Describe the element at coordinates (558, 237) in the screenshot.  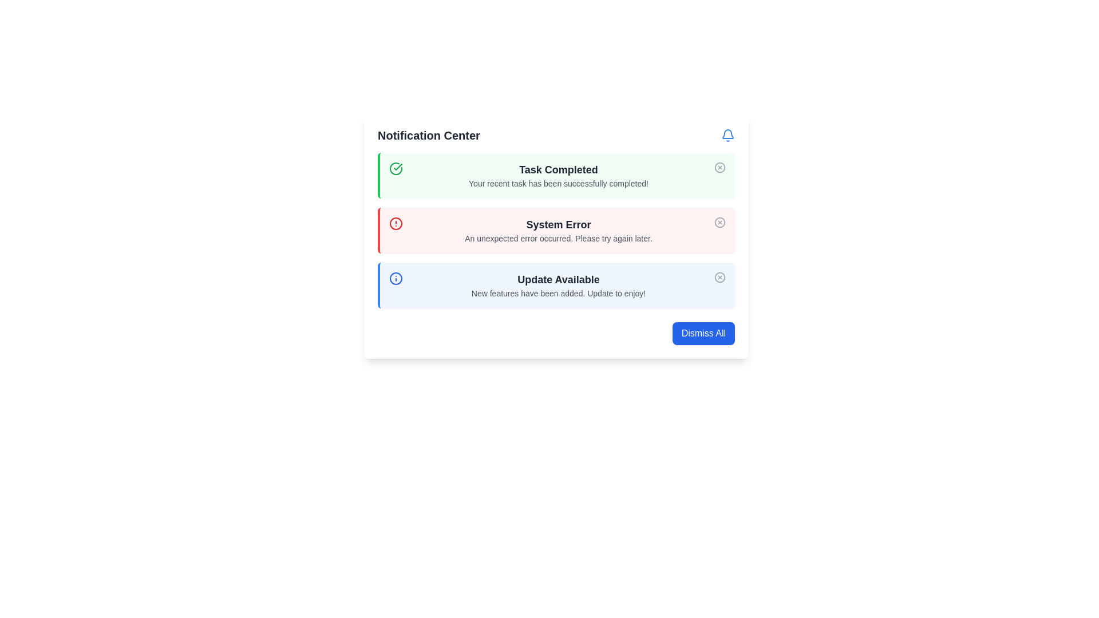
I see `text displayed in a small gray font stating 'An unexpected error occurred. Please try again later.' which is centrally located in the light red notification panel beneath the header 'System Error.'` at that location.